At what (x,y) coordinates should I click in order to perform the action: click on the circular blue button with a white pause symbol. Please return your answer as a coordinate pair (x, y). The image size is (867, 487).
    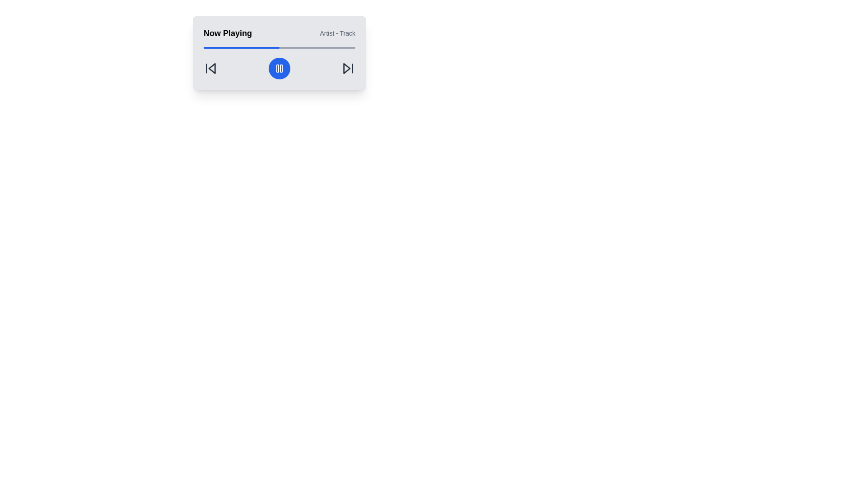
    Looking at the image, I should click on (279, 68).